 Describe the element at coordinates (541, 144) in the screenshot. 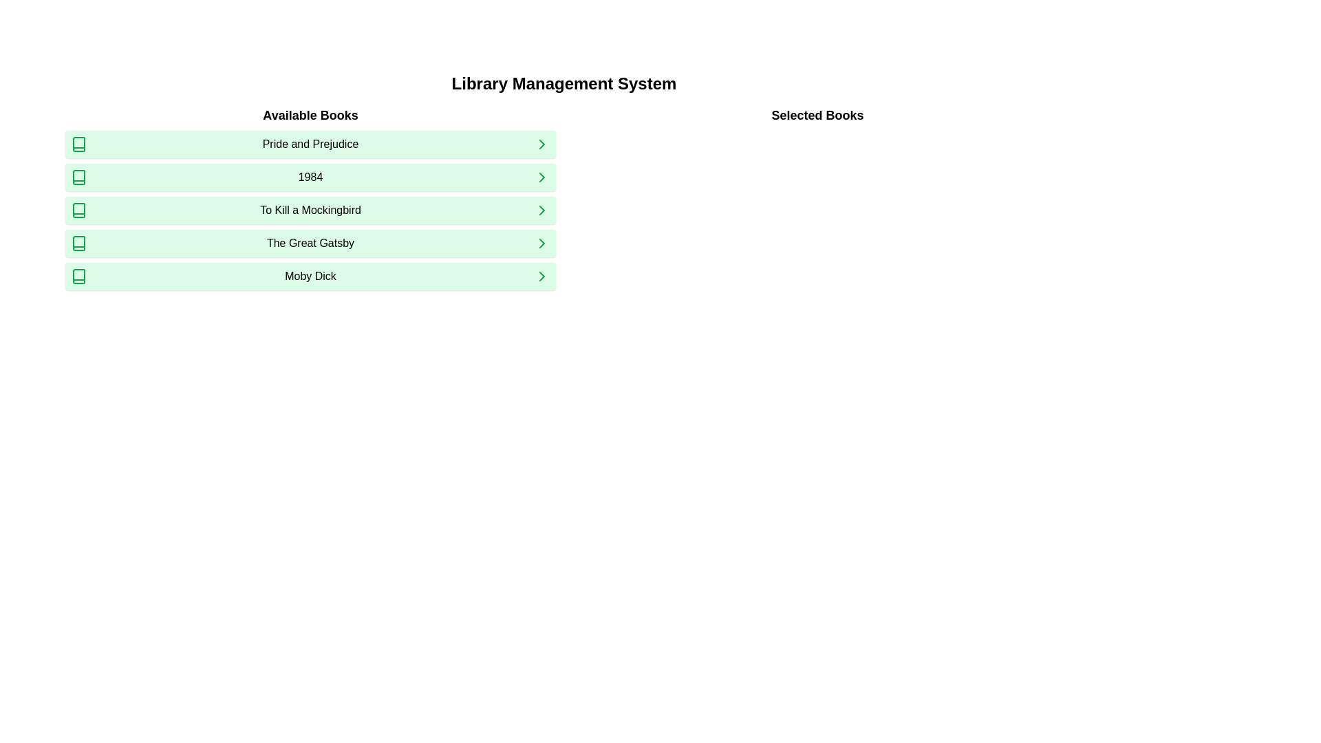

I see `the icon located at the far-right side of the 'Pride and Prejudice' row in the 'Available Books' section` at that location.